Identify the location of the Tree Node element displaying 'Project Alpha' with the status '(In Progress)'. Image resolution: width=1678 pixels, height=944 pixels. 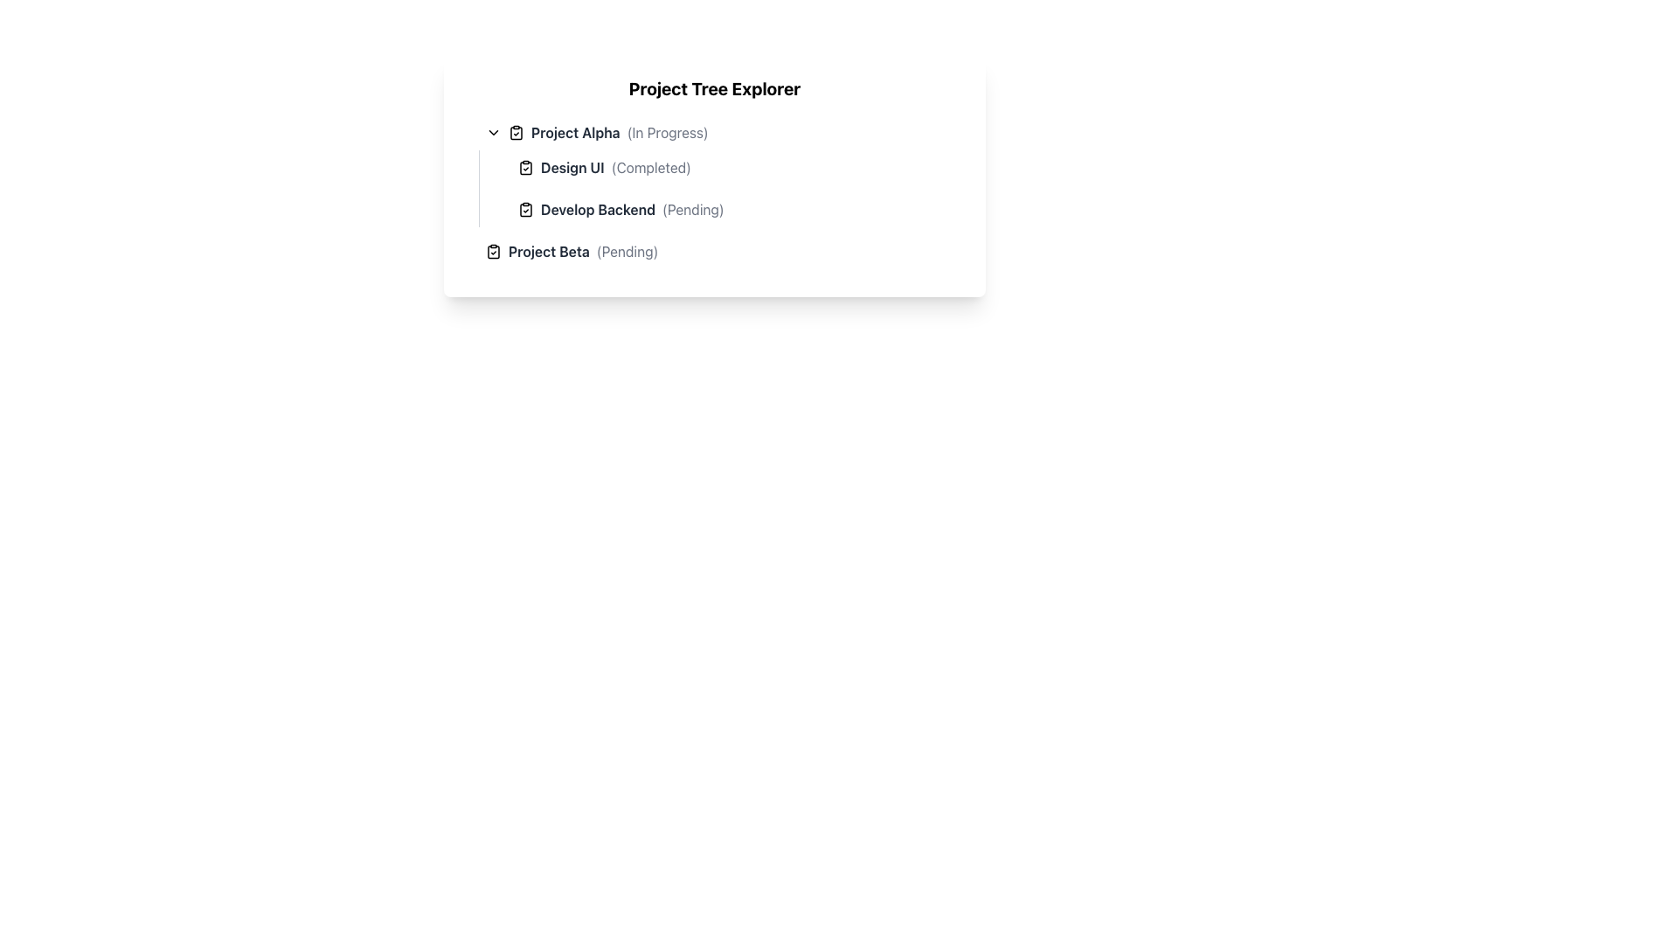
(721, 131).